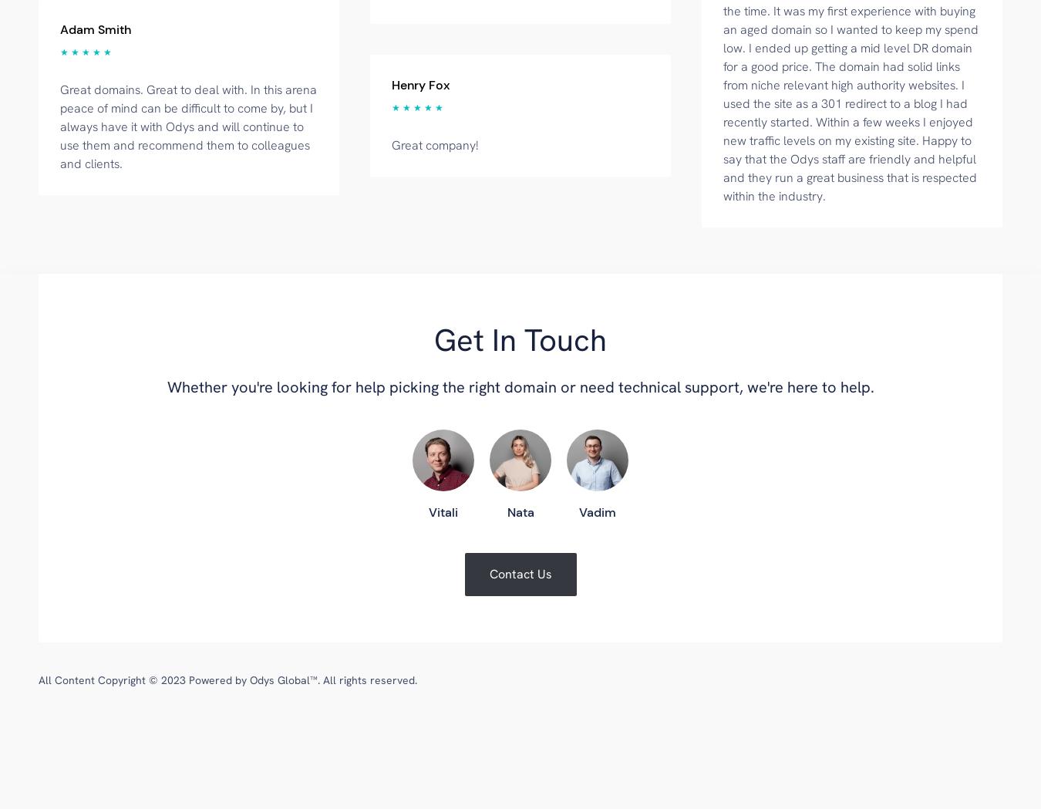 This screenshot has height=809, width=1041. Describe the element at coordinates (419, 83) in the screenshot. I see `'Henry Fox'` at that location.